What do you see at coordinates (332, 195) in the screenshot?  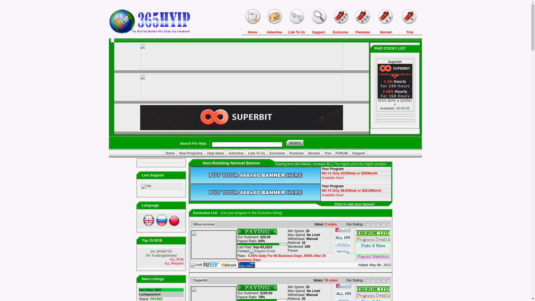 I see `'Available Now!'` at bounding box center [332, 195].